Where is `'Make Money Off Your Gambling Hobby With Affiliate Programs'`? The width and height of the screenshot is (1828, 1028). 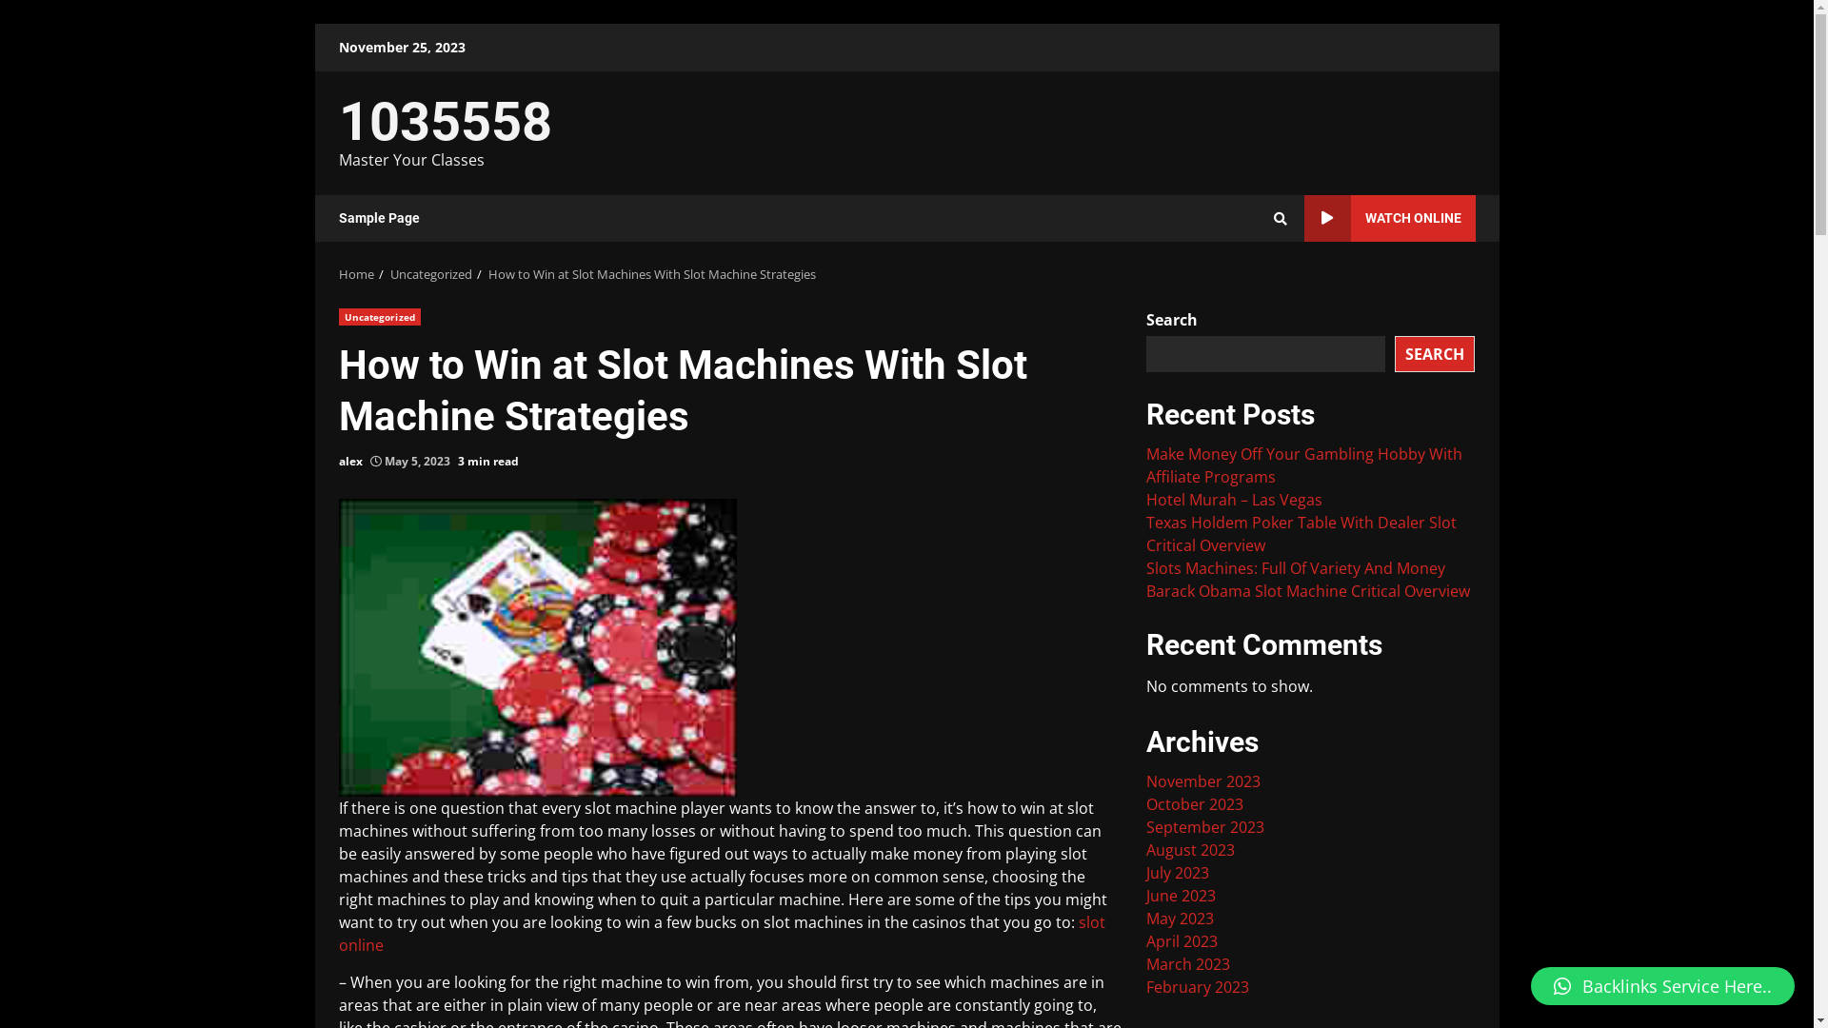 'Make Money Off Your Gambling Hobby With Affiliate Programs' is located at coordinates (1145, 465).